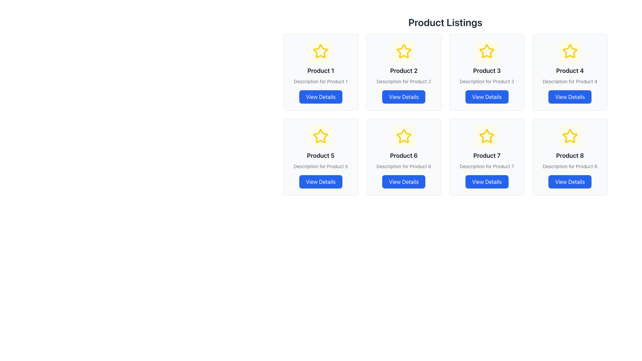 Image resolution: width=642 pixels, height=361 pixels. Describe the element at coordinates (487, 182) in the screenshot. I see `the blue button labeled 'View Details' located in the lower middle section of the 'Product 7' card to interact` at that location.